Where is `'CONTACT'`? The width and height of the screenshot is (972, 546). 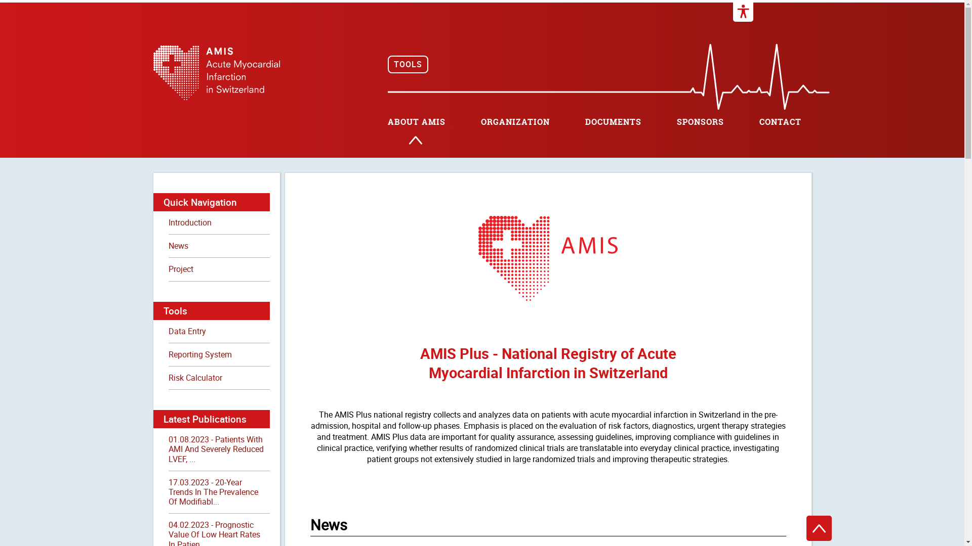 'CONTACT' is located at coordinates (780, 121).